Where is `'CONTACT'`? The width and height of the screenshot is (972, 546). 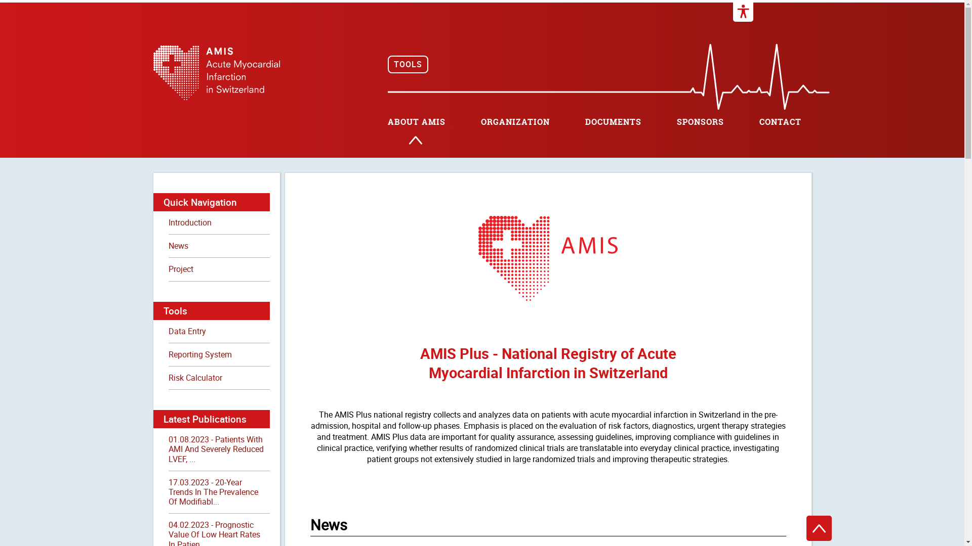 'CONTACT' is located at coordinates (780, 121).